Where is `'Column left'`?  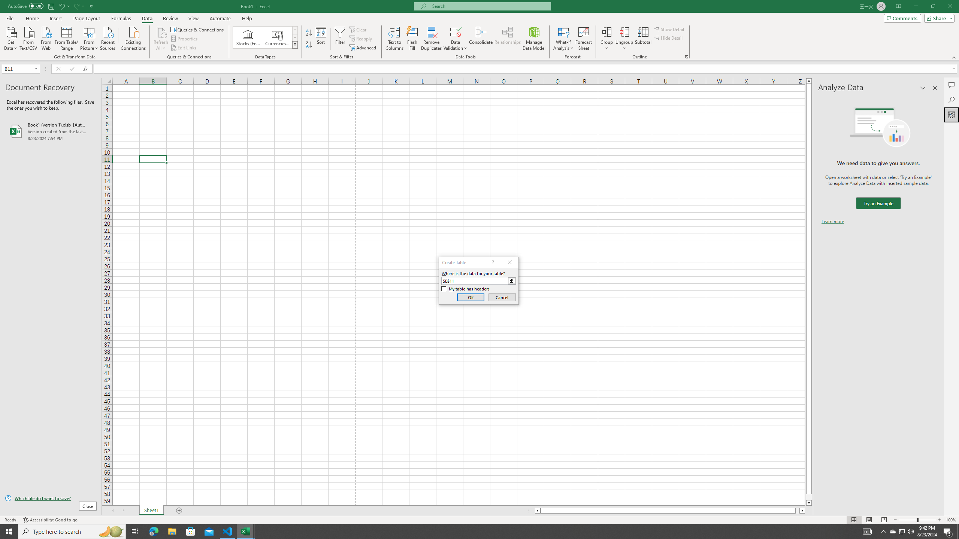
'Column left' is located at coordinates (537, 510).